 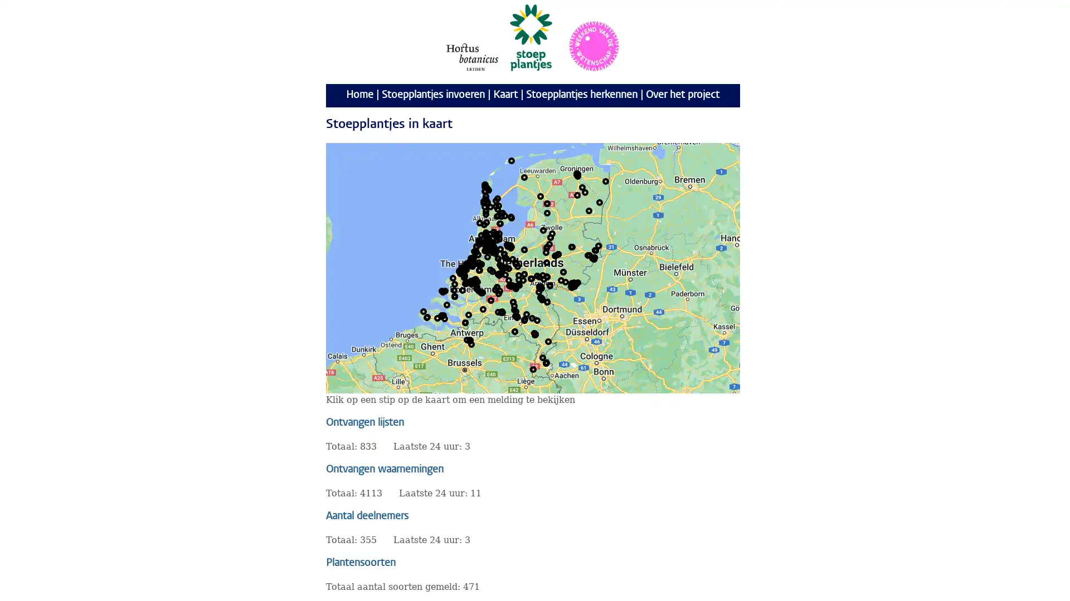 I want to click on Telling van Josephine op 03 juni 2022, so click(x=455, y=295).